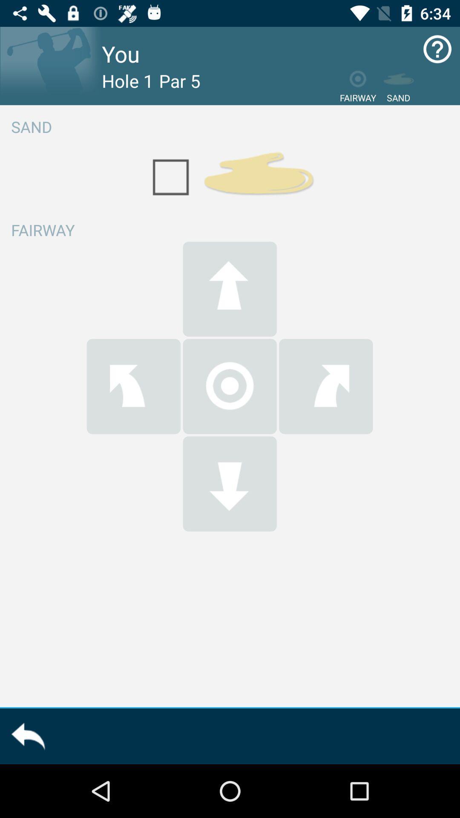 The height and width of the screenshot is (818, 460). I want to click on move right, so click(326, 386).